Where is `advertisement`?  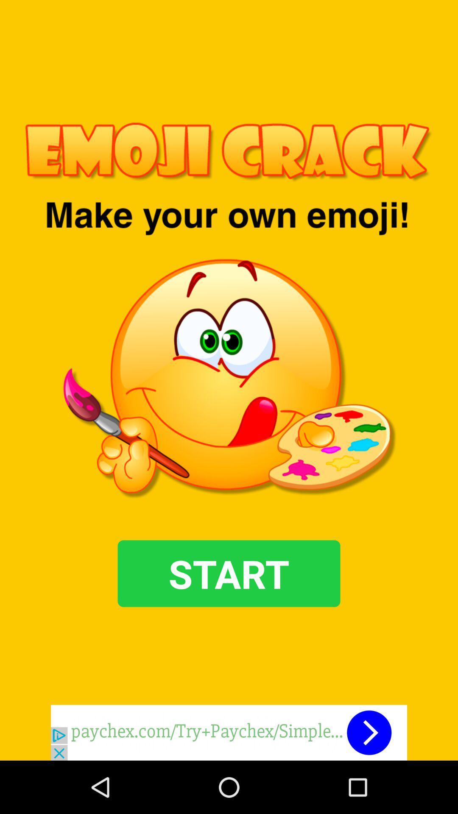
advertisement is located at coordinates (229, 732).